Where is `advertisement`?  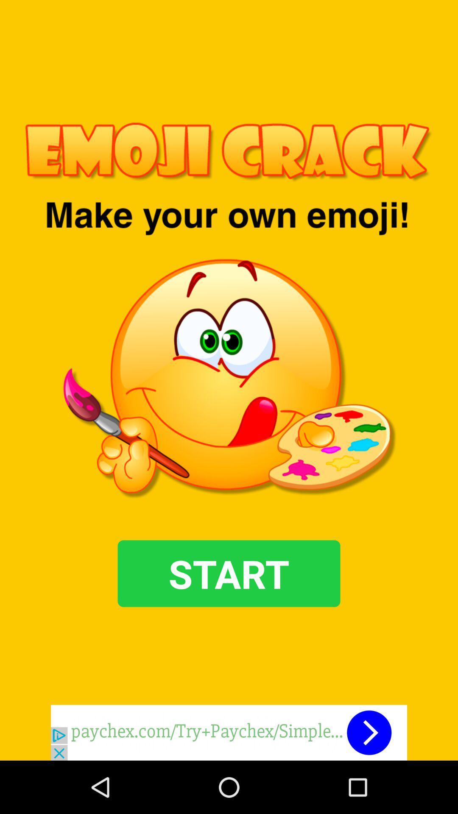
advertisement is located at coordinates (229, 732).